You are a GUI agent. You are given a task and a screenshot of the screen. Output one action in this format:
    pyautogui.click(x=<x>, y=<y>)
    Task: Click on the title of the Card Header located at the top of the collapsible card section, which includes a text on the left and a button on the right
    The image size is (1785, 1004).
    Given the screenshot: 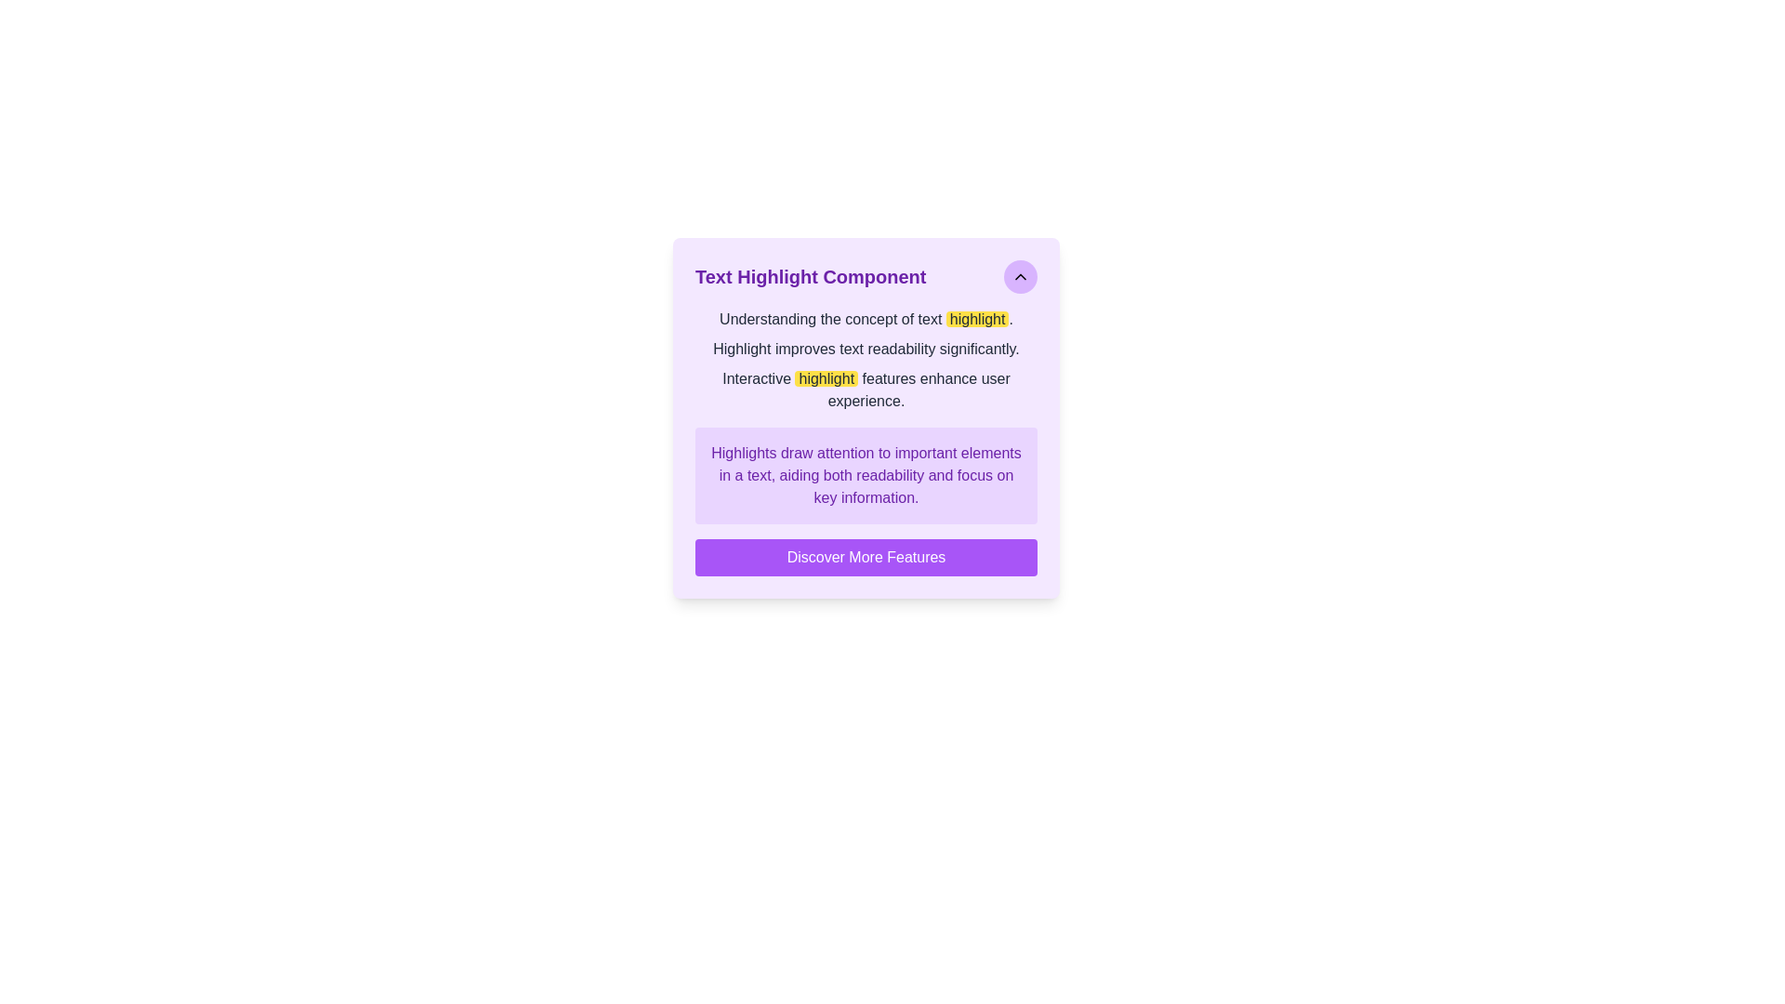 What is the action you would take?
    pyautogui.click(x=865, y=276)
    